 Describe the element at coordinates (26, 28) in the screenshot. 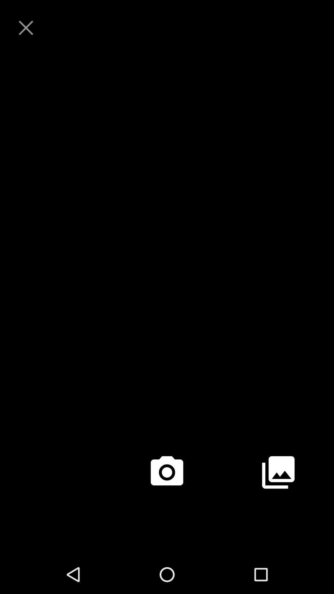

I see `close` at that location.